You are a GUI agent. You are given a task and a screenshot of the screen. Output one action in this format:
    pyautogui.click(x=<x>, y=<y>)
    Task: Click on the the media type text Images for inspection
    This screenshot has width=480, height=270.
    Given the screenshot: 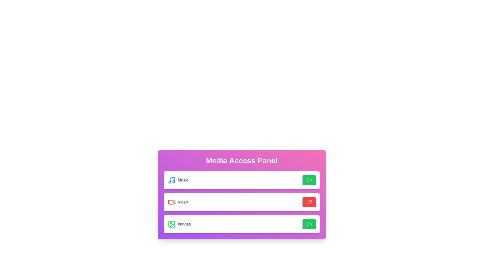 What is the action you would take?
    pyautogui.click(x=177, y=224)
    